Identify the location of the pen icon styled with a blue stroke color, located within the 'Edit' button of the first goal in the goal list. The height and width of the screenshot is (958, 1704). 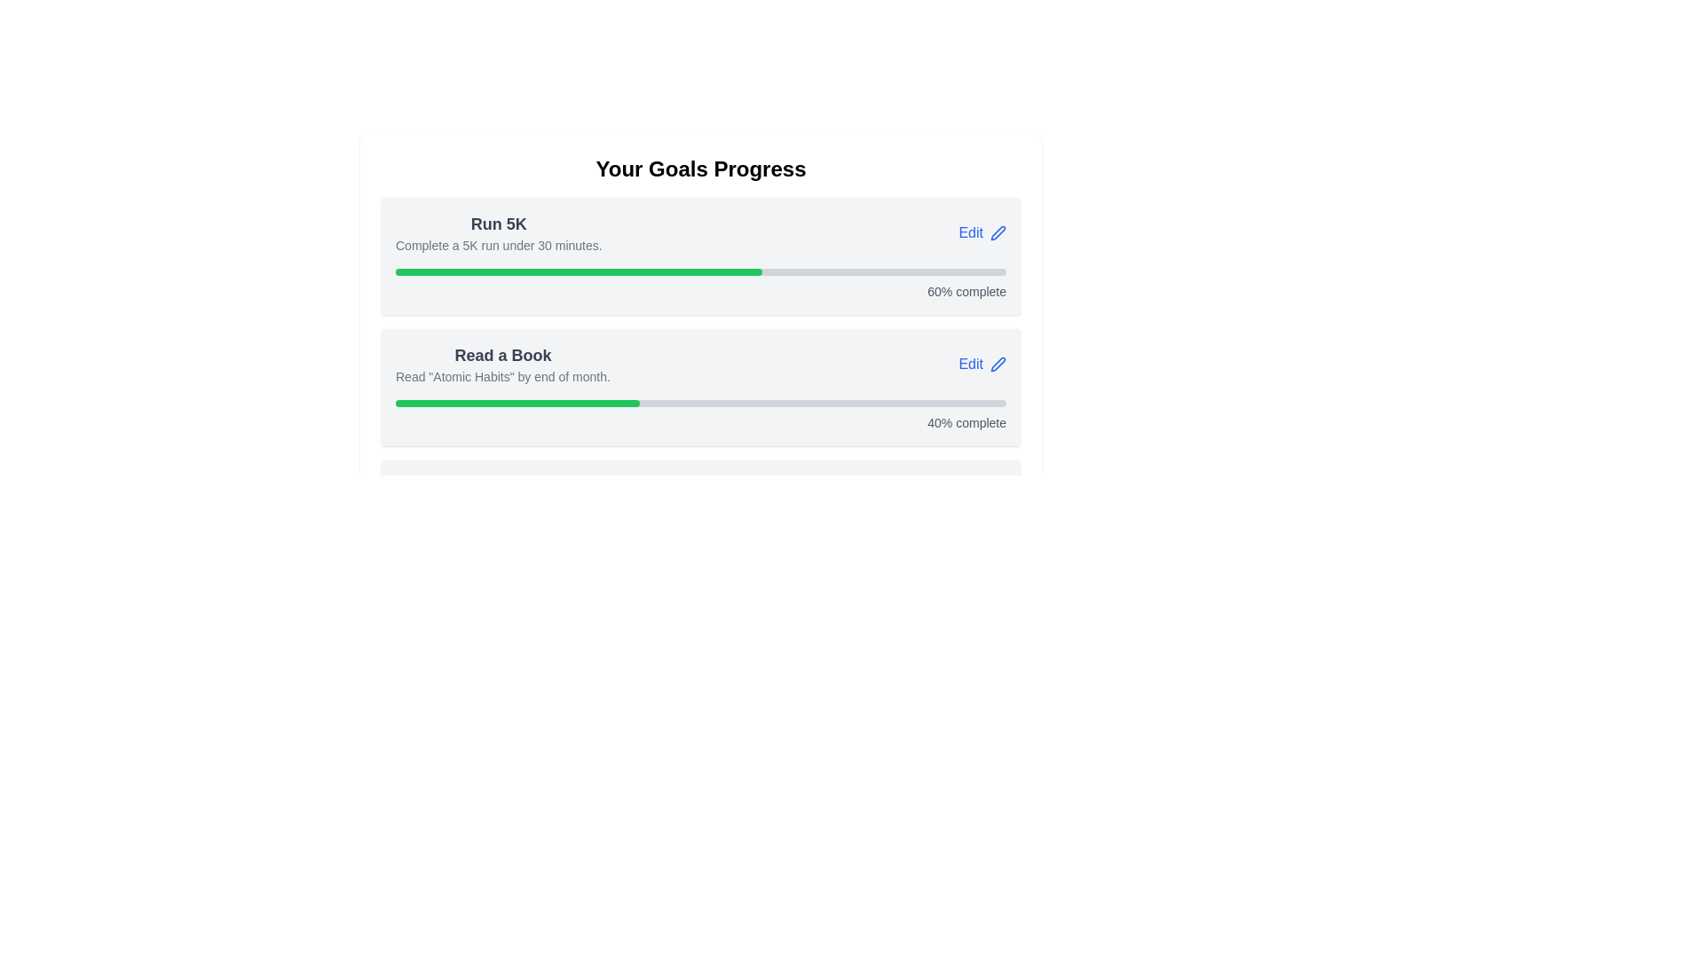
(998, 232).